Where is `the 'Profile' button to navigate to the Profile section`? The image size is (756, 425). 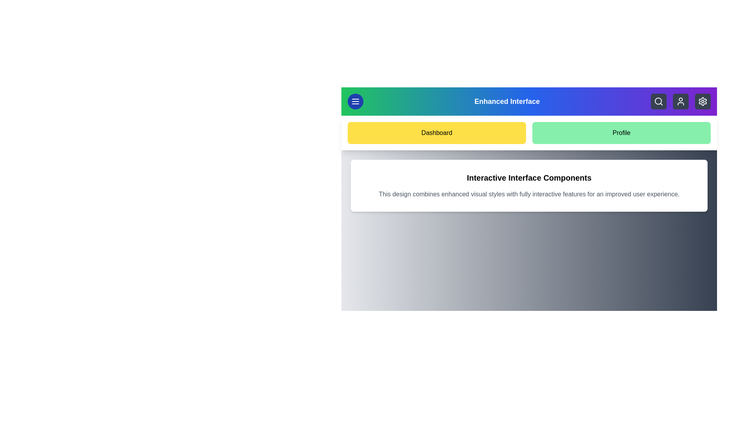
the 'Profile' button to navigate to the Profile section is located at coordinates (621, 133).